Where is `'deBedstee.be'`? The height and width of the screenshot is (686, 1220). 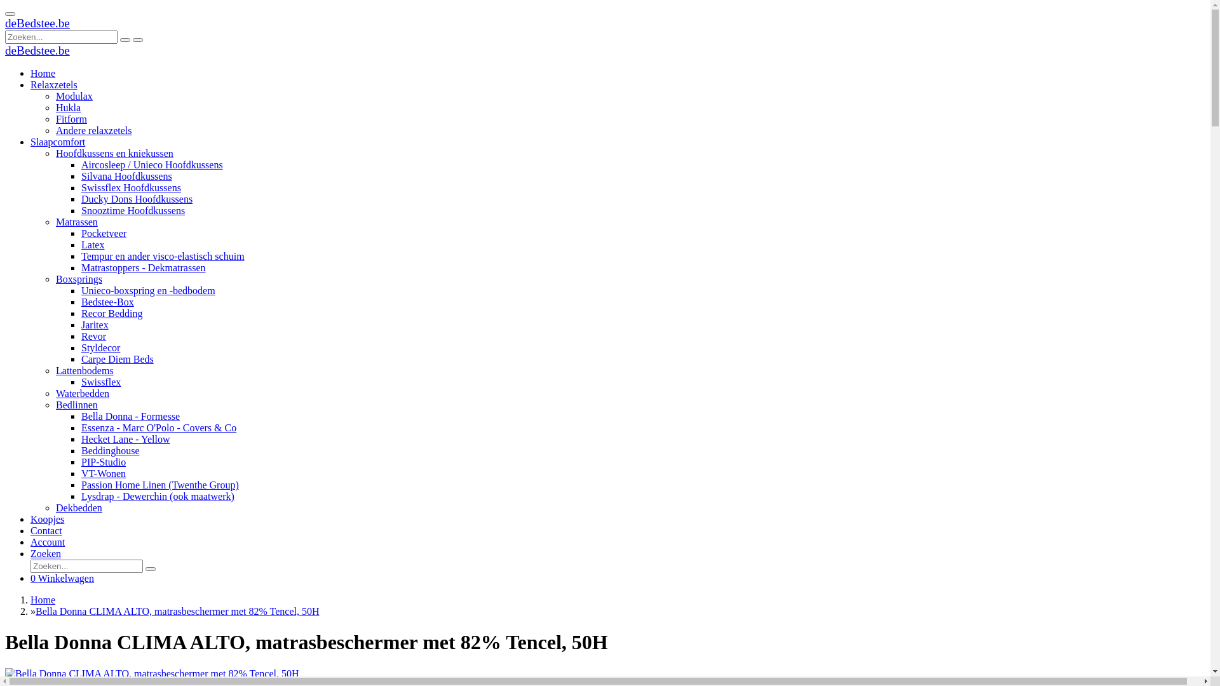
'deBedstee.be' is located at coordinates (37, 24).